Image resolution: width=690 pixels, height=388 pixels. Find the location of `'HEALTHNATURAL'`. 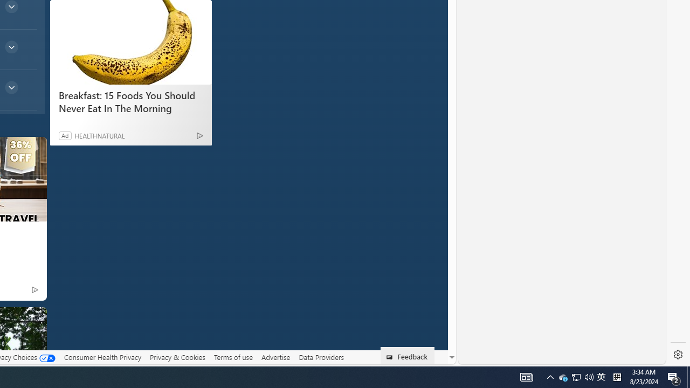

'HEALTHNATURAL' is located at coordinates (99, 135).